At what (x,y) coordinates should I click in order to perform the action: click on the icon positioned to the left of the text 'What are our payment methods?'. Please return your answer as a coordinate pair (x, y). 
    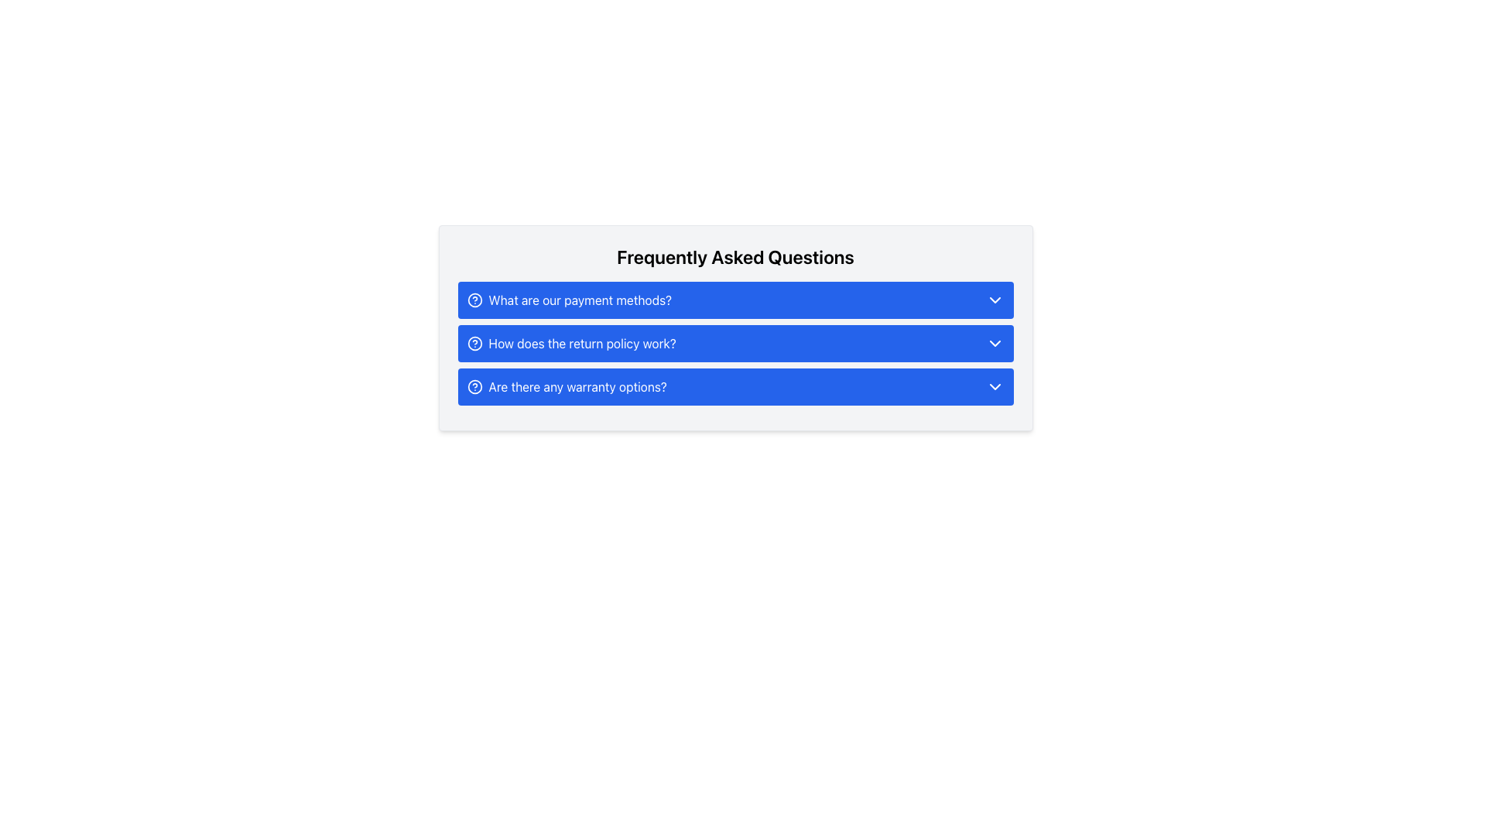
    Looking at the image, I should click on (474, 300).